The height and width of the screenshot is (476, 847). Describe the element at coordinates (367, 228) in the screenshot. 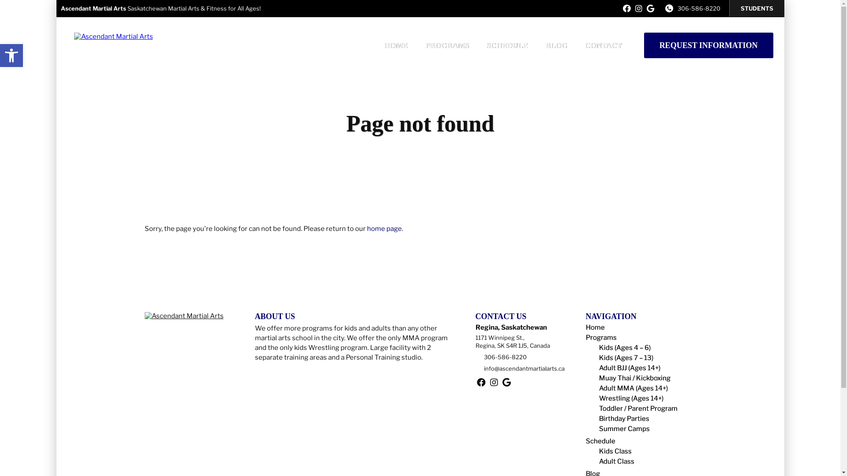

I see `'home page'` at that location.